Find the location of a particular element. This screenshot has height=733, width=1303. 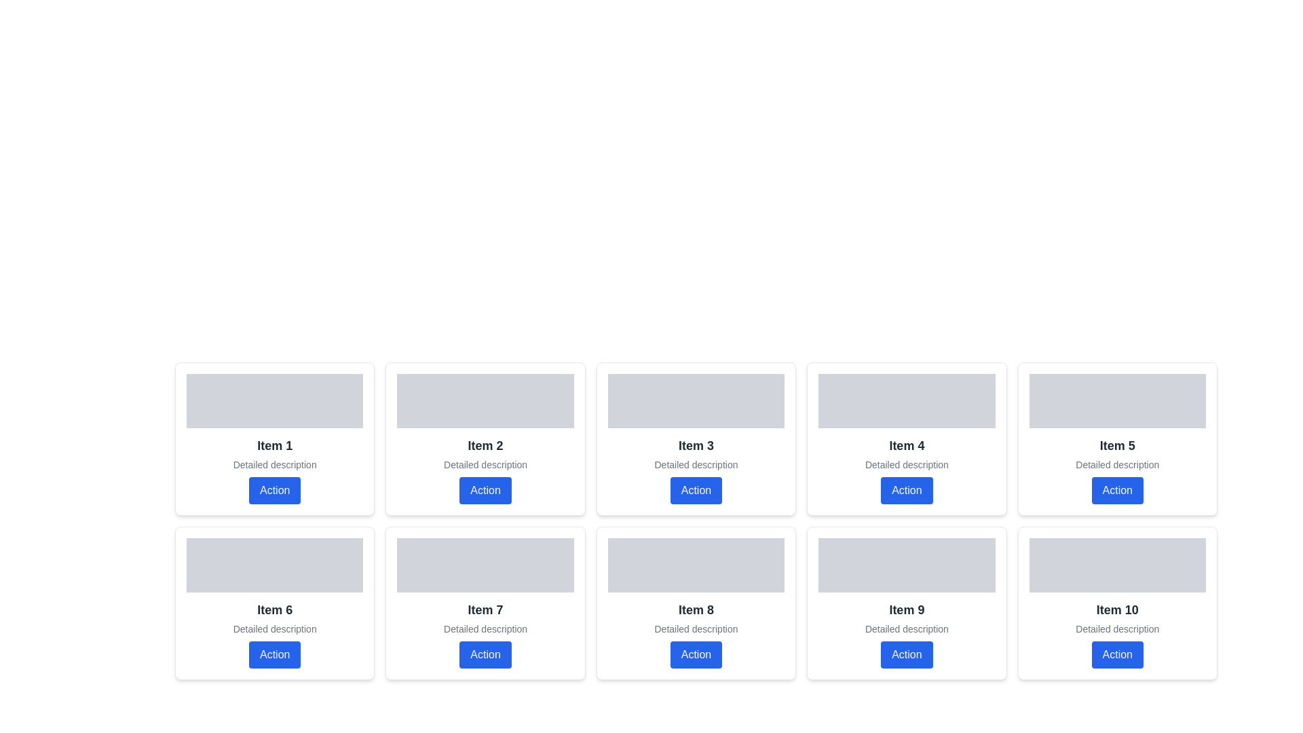

the Card component labeled 'Item 3' with a subtitle 'Detailed description' and a blue button at the bottom is located at coordinates (696, 439).